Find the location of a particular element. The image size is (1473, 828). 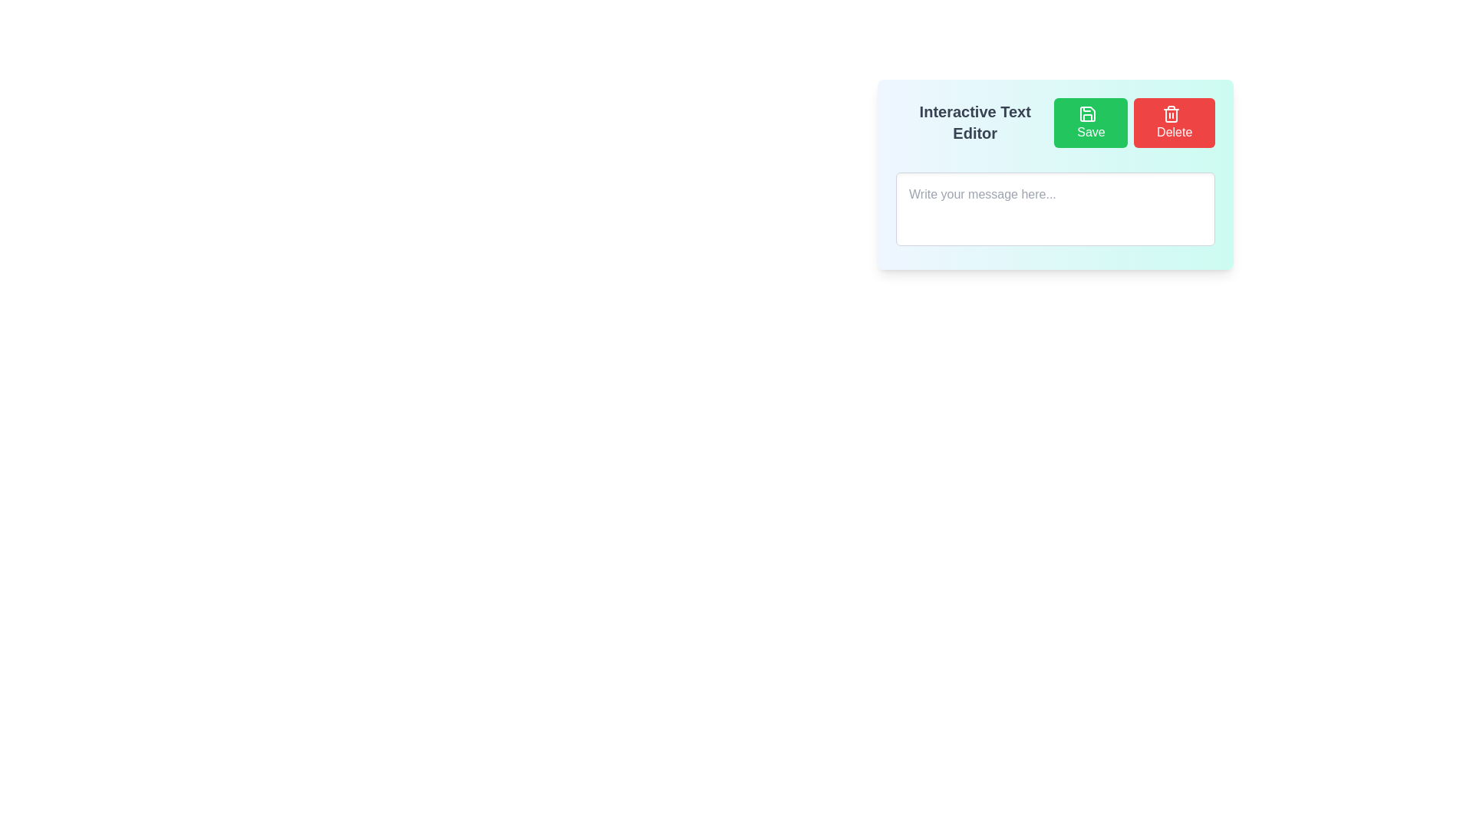

the save icon located within the green 'Save' button in the top-right corner of the interface card is located at coordinates (1087, 113).